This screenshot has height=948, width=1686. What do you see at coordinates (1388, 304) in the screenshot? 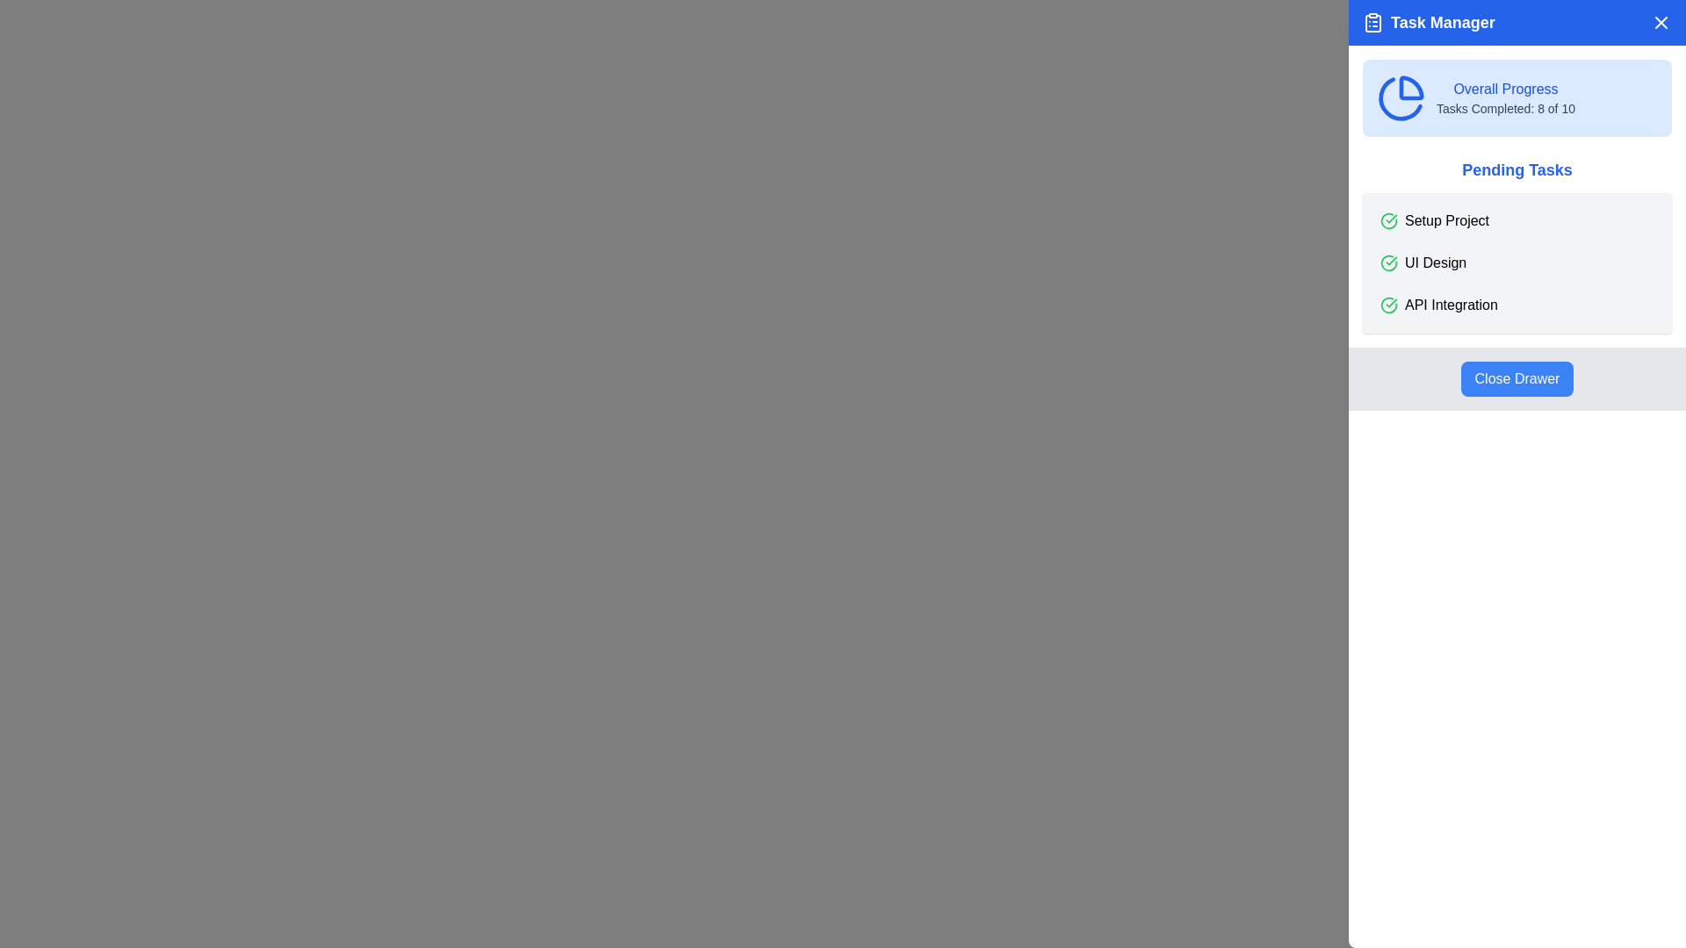
I see `the API Integration completion icon located in the left section of the Pending Tasks list, which indicates that the task is completed` at bounding box center [1388, 304].